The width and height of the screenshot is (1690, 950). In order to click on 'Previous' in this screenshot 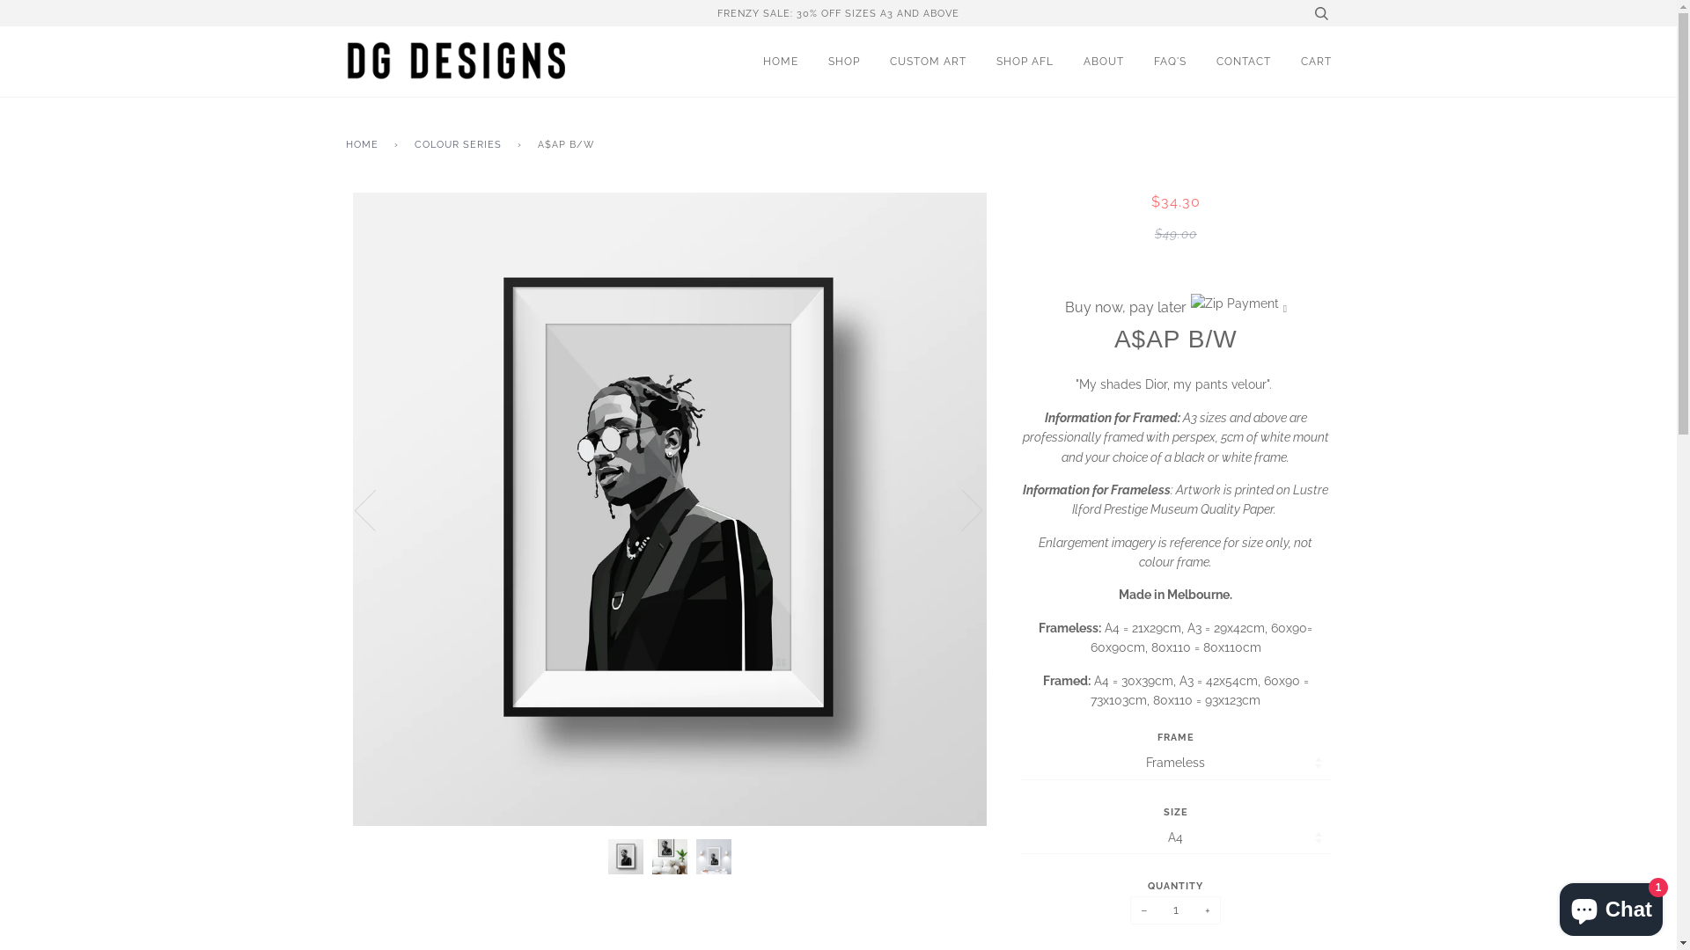, I will do `click(374, 508)`.